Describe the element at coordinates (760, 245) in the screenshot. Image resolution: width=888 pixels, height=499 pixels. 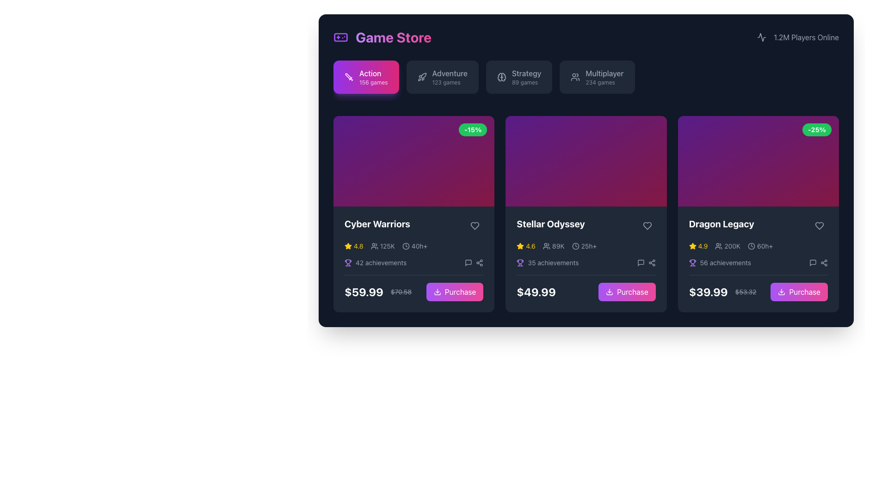
I see `the '60h+' label with a clock icon located in the gameplay details section of the 'Dragon Legacy' game card, positioned below the player count and above the achievement details` at that location.